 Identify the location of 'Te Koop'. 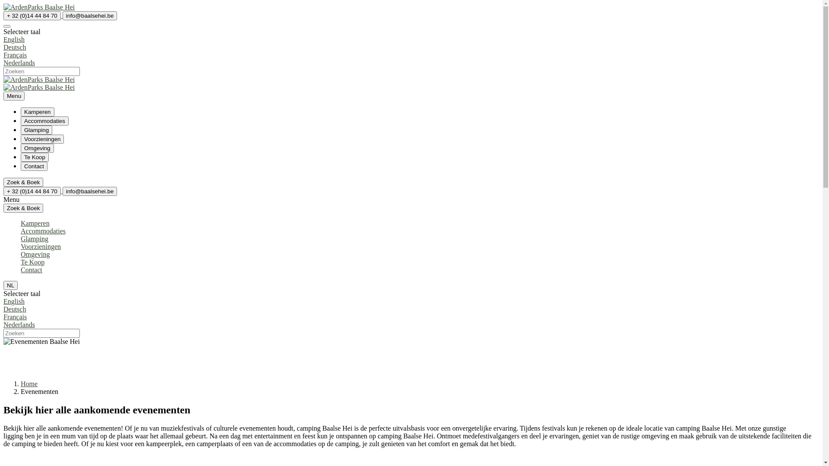
(35, 157).